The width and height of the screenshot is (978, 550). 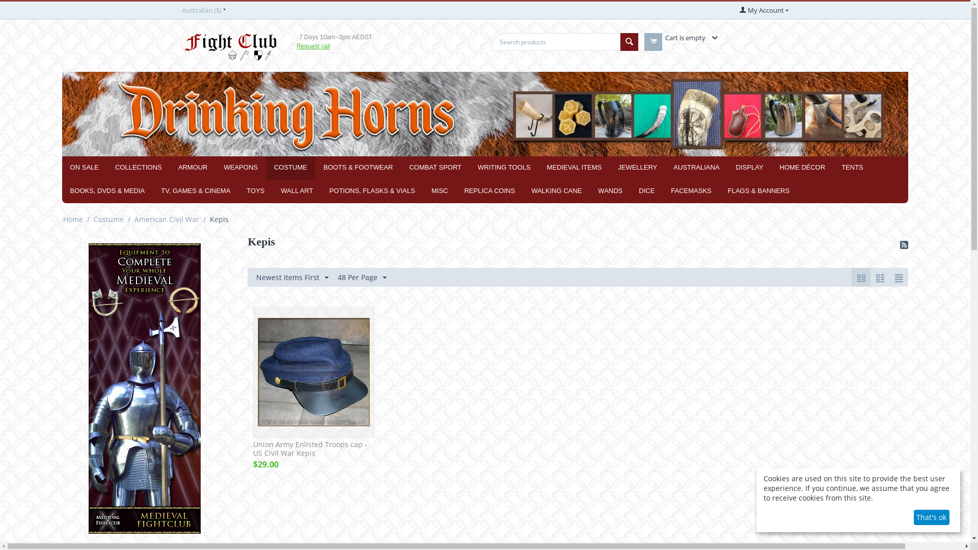 What do you see at coordinates (764, 10) in the screenshot?
I see `' My Account'` at bounding box center [764, 10].